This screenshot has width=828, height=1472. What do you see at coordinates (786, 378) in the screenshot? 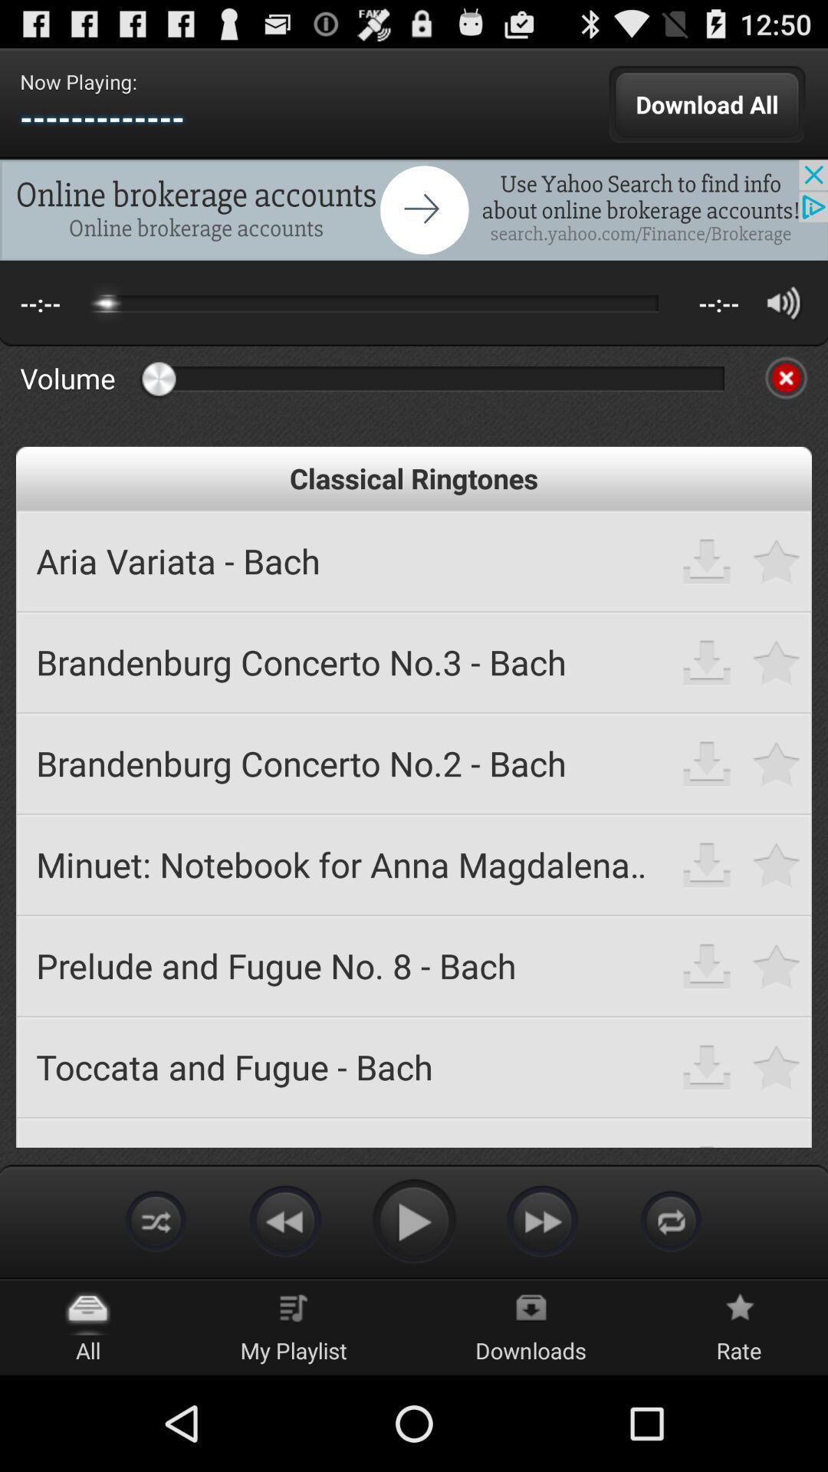
I see `cancel app` at bounding box center [786, 378].